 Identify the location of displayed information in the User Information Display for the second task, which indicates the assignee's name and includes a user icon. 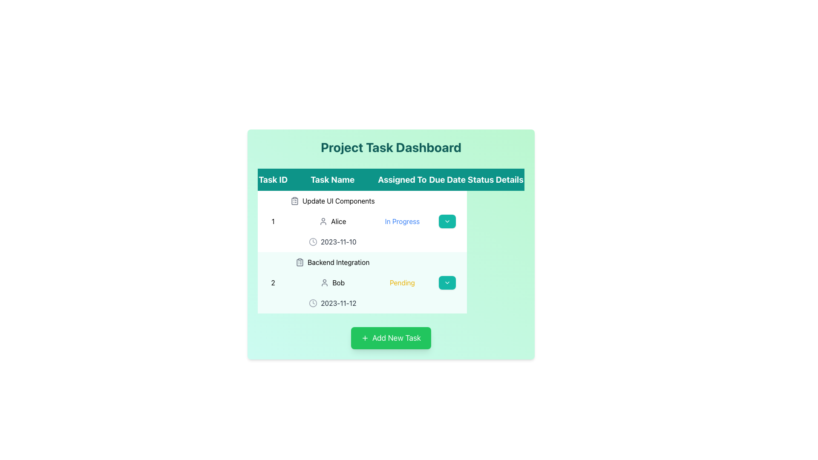
(332, 282).